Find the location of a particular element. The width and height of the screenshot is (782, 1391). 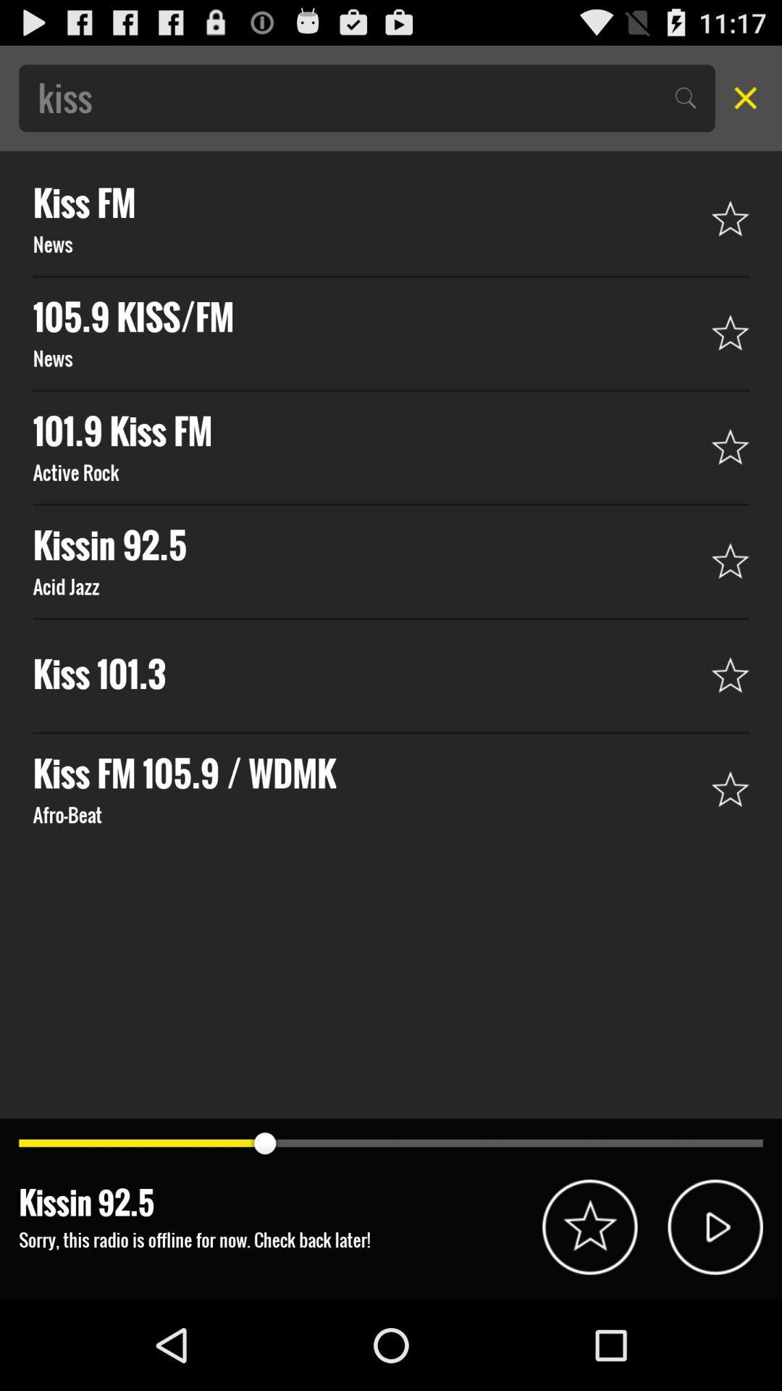

music is located at coordinates (715, 1226).